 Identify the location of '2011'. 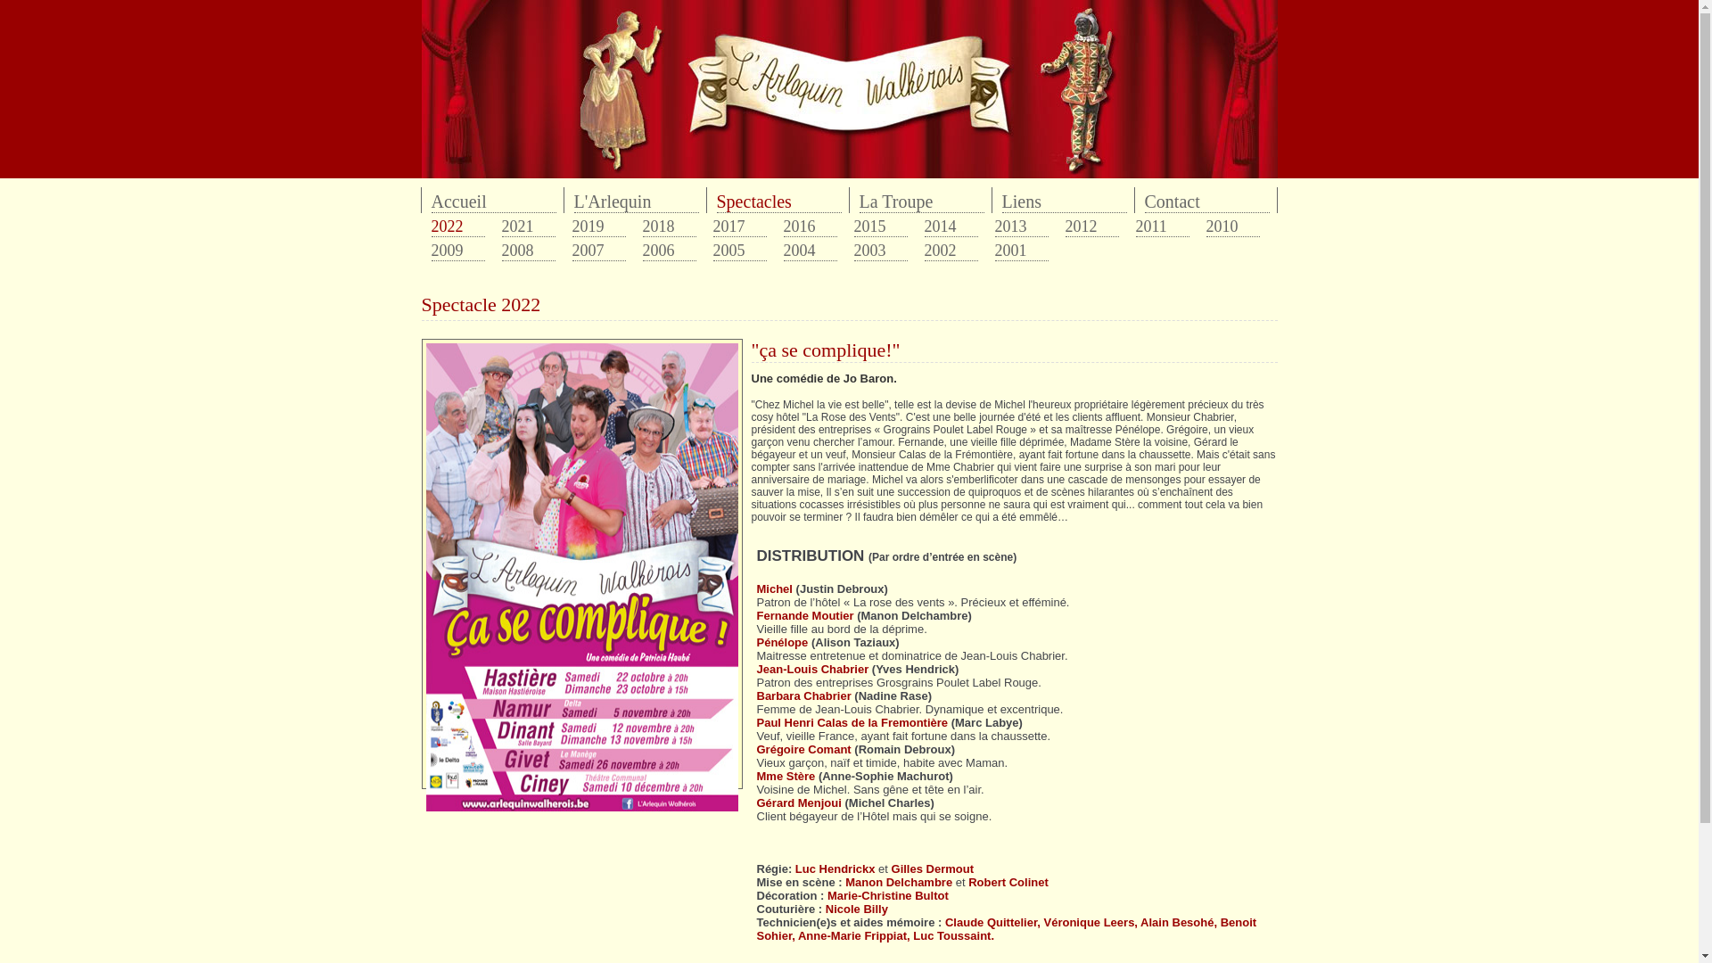
(1163, 226).